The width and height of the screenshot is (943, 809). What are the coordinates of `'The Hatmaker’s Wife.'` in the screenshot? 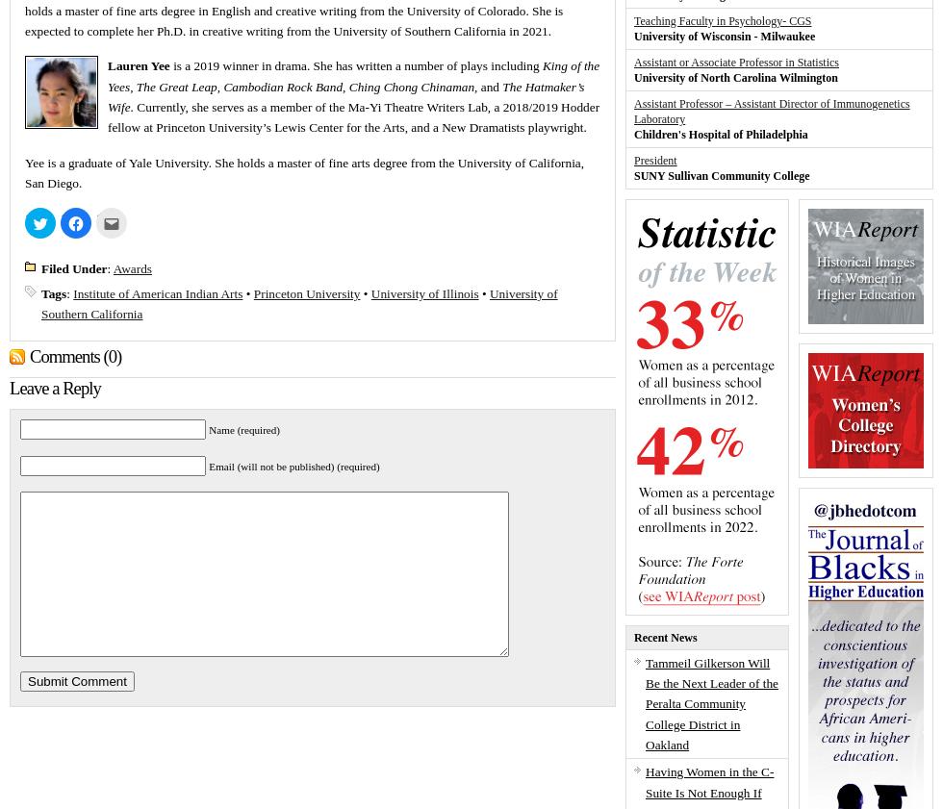 It's located at (345, 94).